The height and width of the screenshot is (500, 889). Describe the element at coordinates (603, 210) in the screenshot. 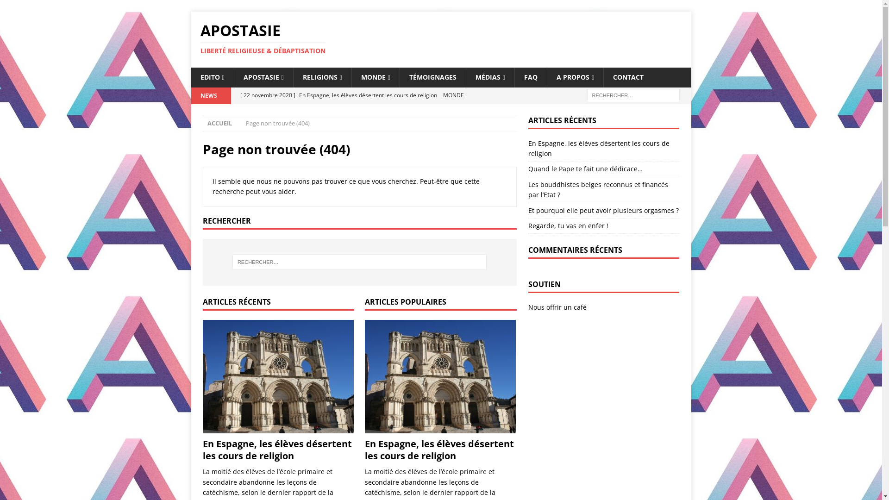

I see `'Et pourquoi elle peut avoir plusieurs orgasmes ?'` at that location.